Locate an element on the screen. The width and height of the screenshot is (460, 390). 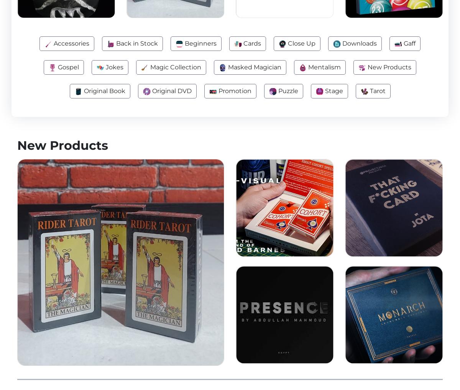
'Mentalism' is located at coordinates (306, 67).